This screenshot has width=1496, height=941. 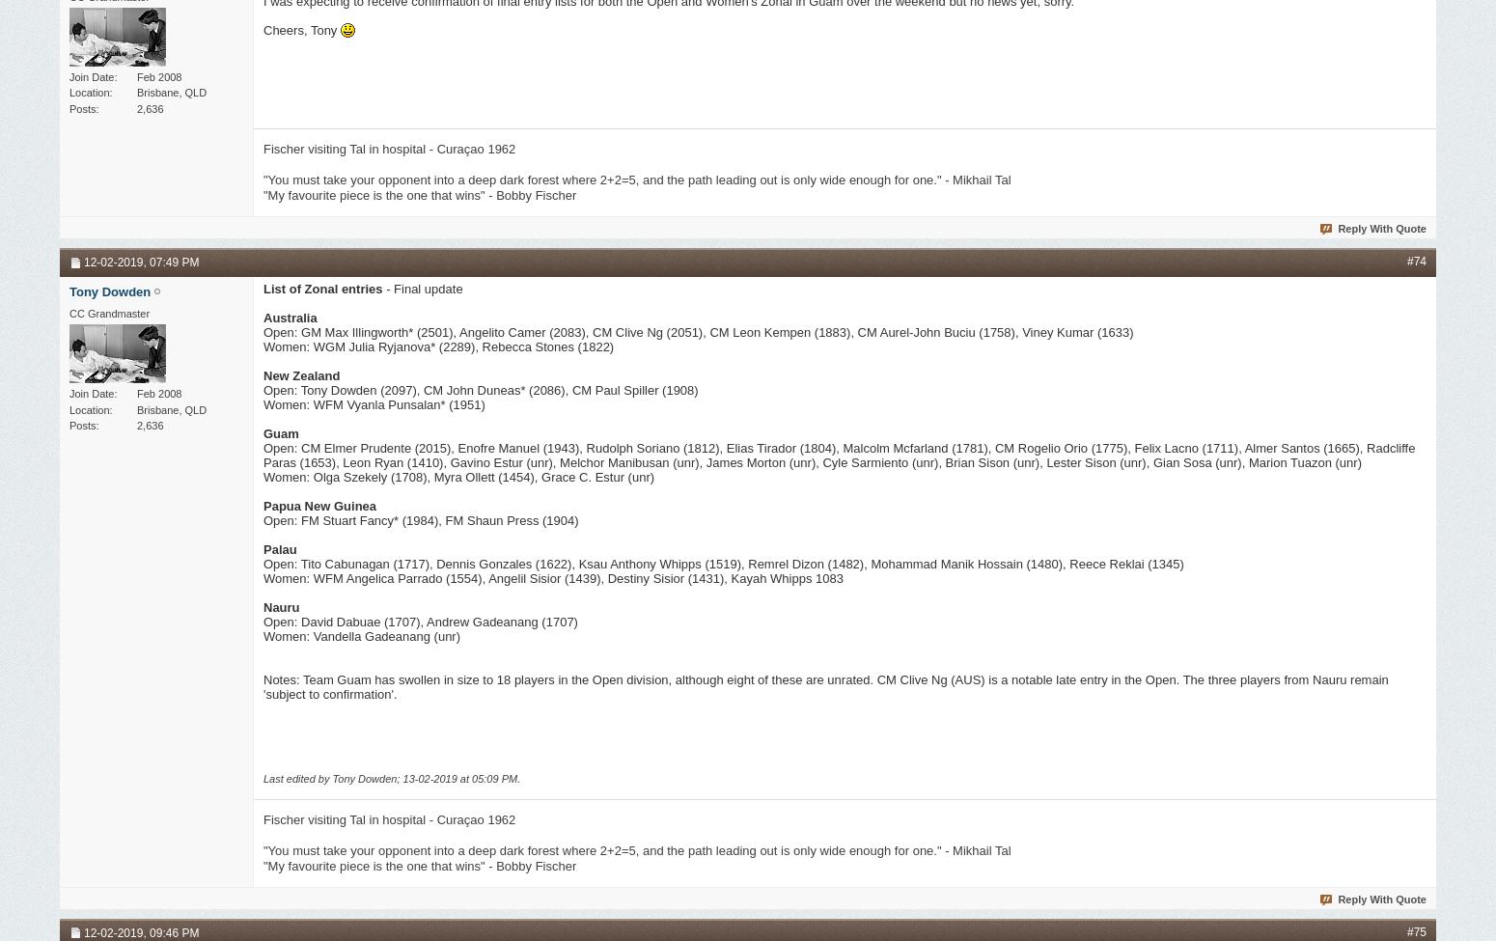 What do you see at coordinates (280, 548) in the screenshot?
I see `'Palau'` at bounding box center [280, 548].